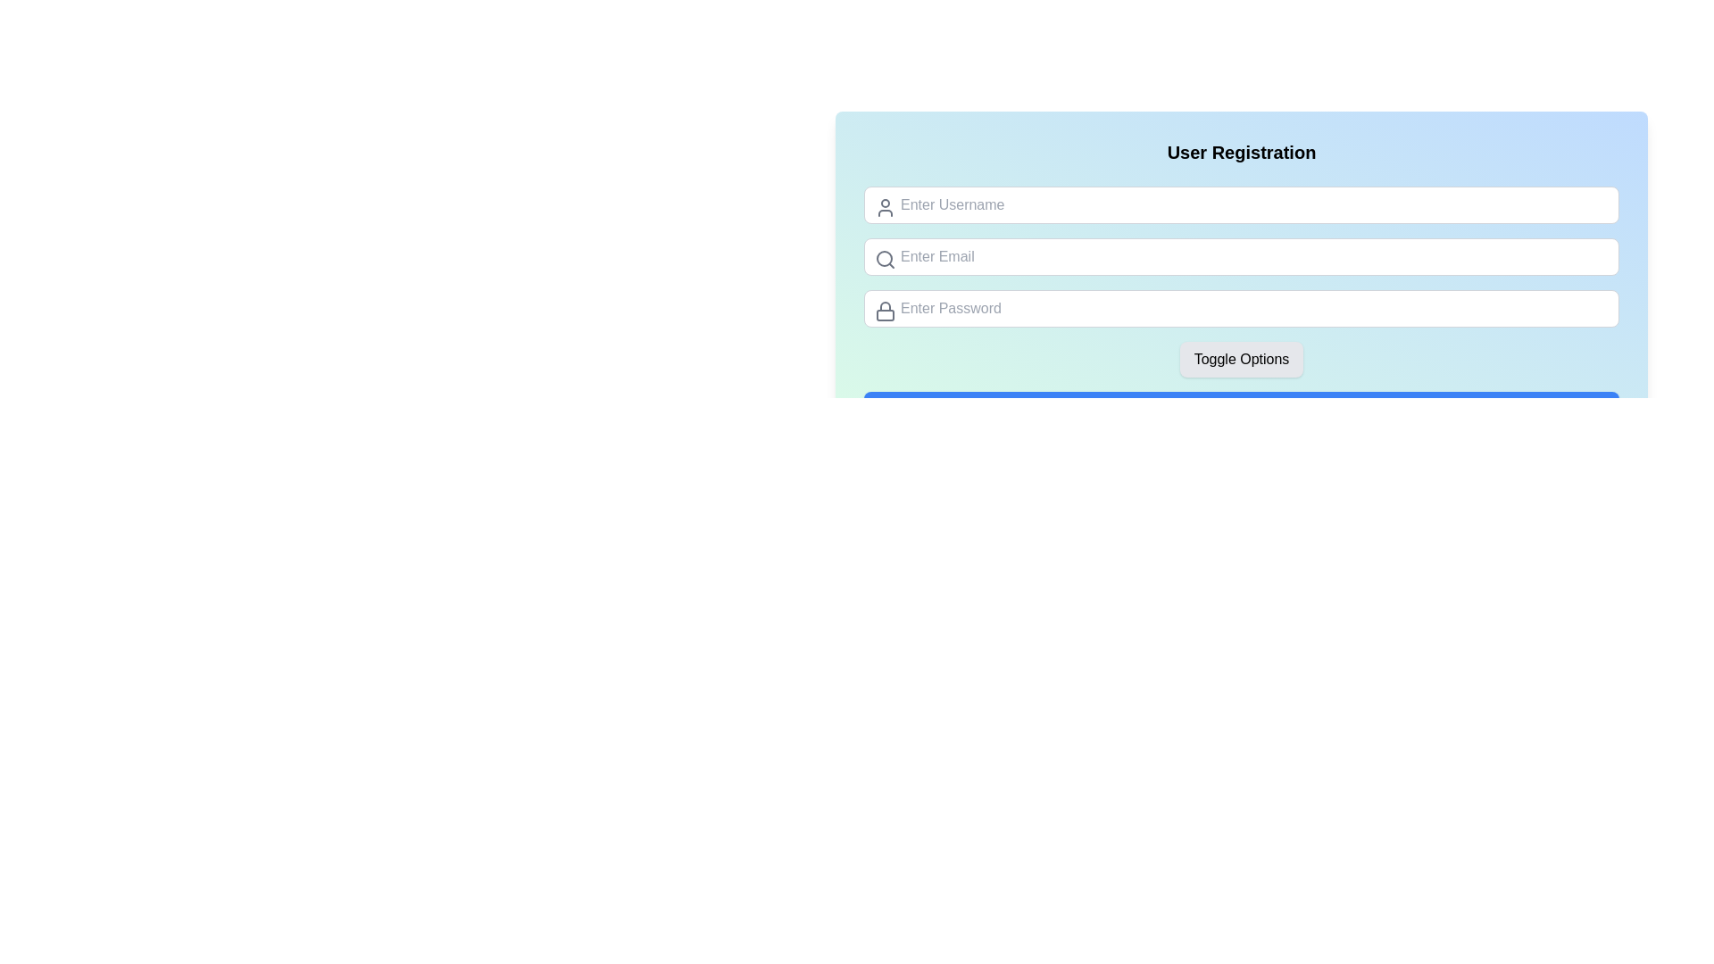  Describe the element at coordinates (886, 305) in the screenshot. I see `the curved, arc-like design of the padlock icon situated near the center of the graphic, slightly above the rectangle that forms the body of the lock, which is located to the left of the 'Enter Password' text input field` at that location.